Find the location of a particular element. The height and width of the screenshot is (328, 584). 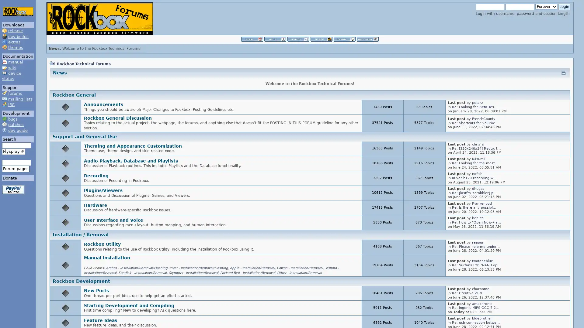

Flyspray # is located at coordinates (13, 151).